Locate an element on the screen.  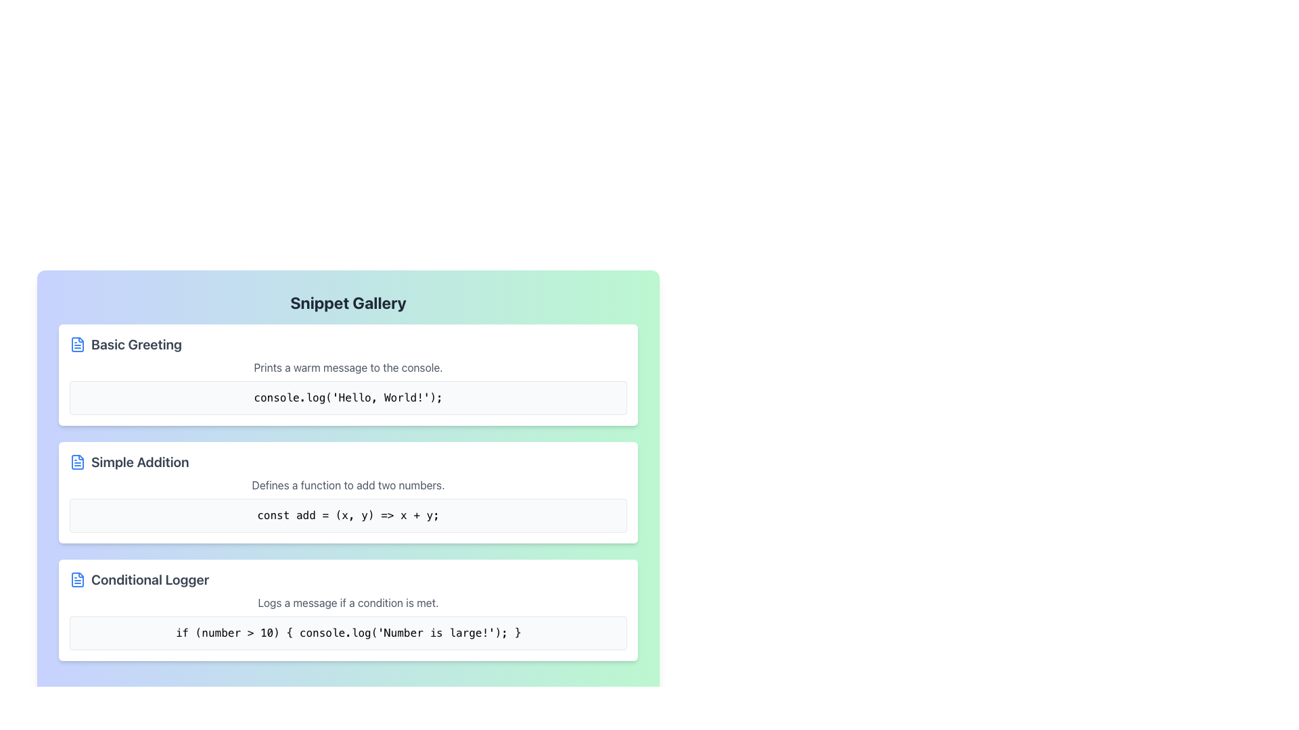
the explanatory text label that describes the functionality of the 'Conditional Logger' snippet, located in the third card of the vertically stacked list of code snippets is located at coordinates (348, 602).